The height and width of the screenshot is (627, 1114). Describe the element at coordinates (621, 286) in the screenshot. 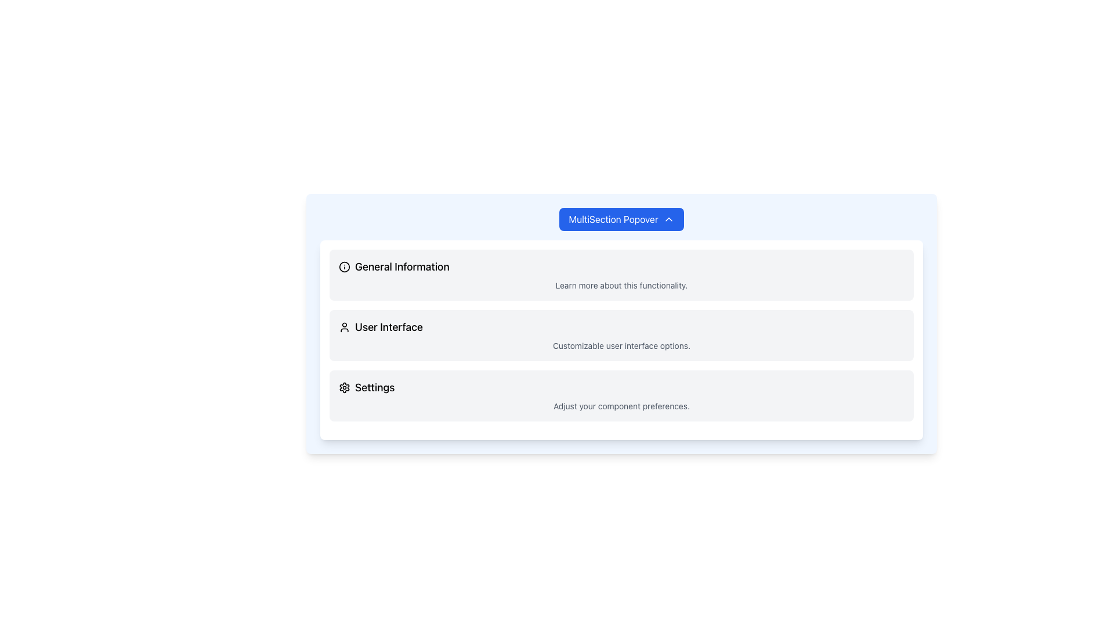

I see `the informative label located at the bottom-right corner of the 'General Information' section, which follows the bold title 'General Information'` at that location.